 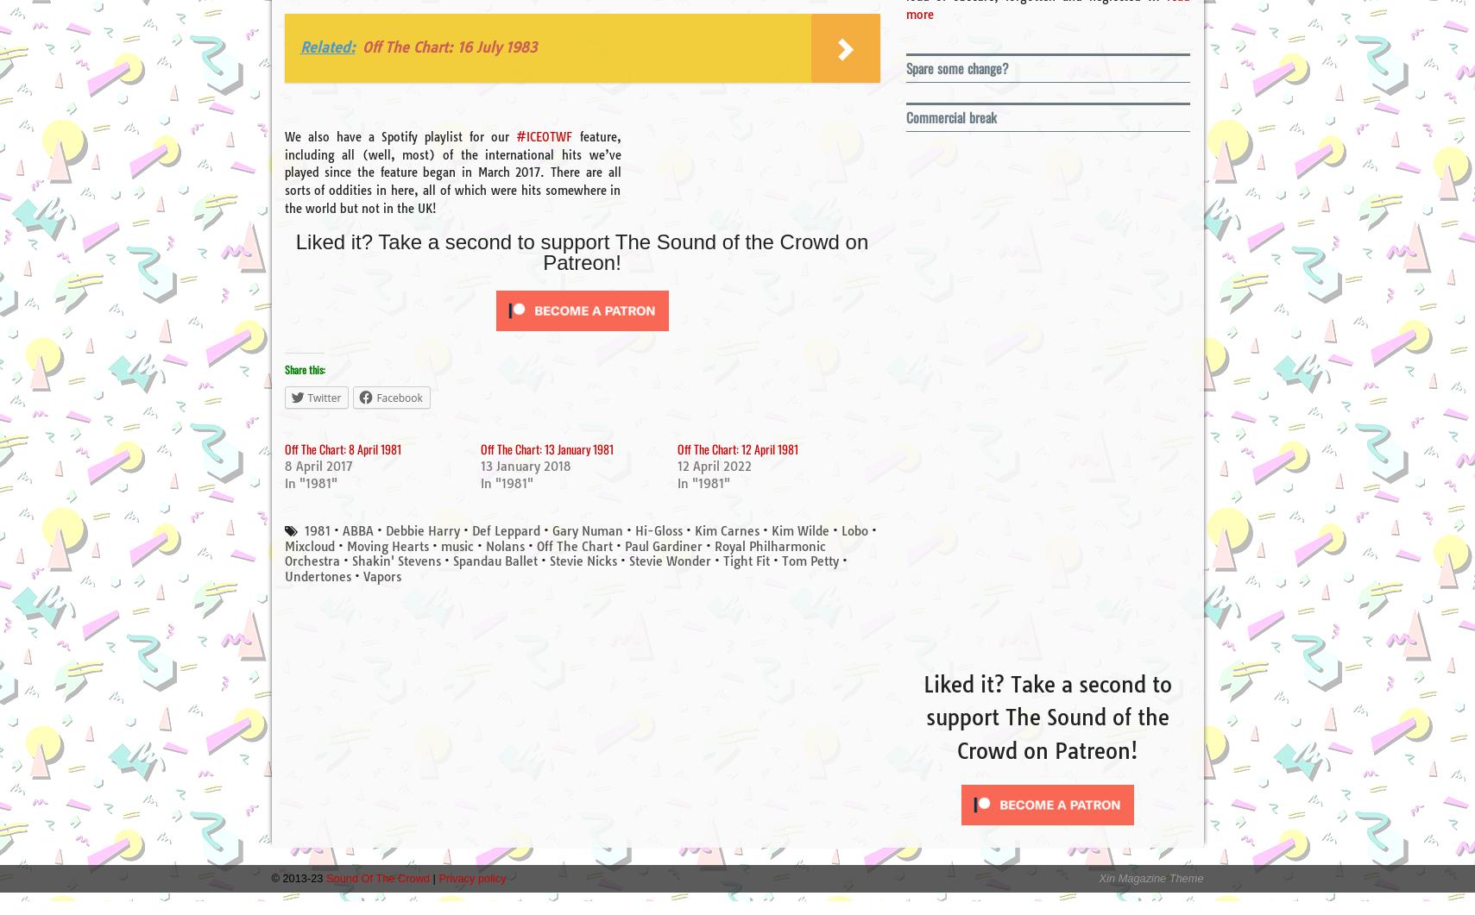 What do you see at coordinates (323, 398) in the screenshot?
I see `'Twitter'` at bounding box center [323, 398].